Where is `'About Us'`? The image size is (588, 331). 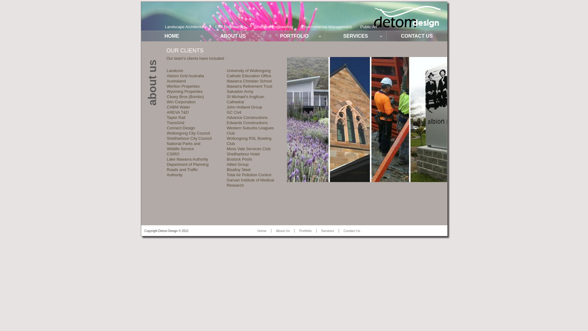 'About Us' is located at coordinates (282, 230).